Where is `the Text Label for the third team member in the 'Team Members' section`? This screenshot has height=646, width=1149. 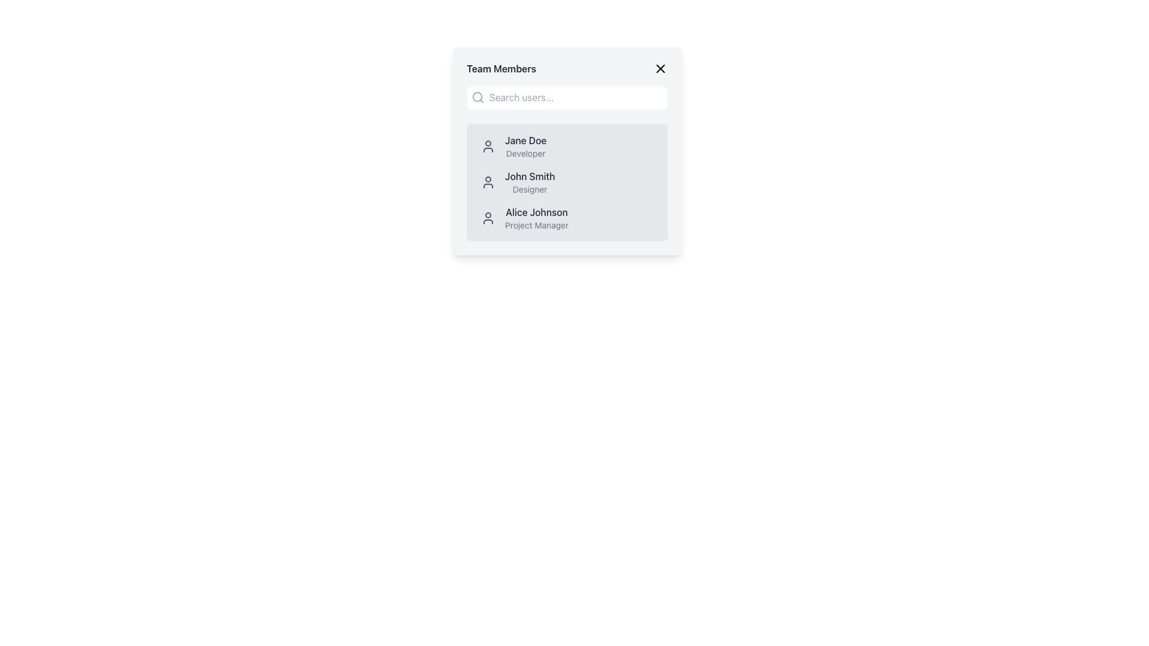 the Text Label for the third team member in the 'Team Members' section is located at coordinates (536, 211).